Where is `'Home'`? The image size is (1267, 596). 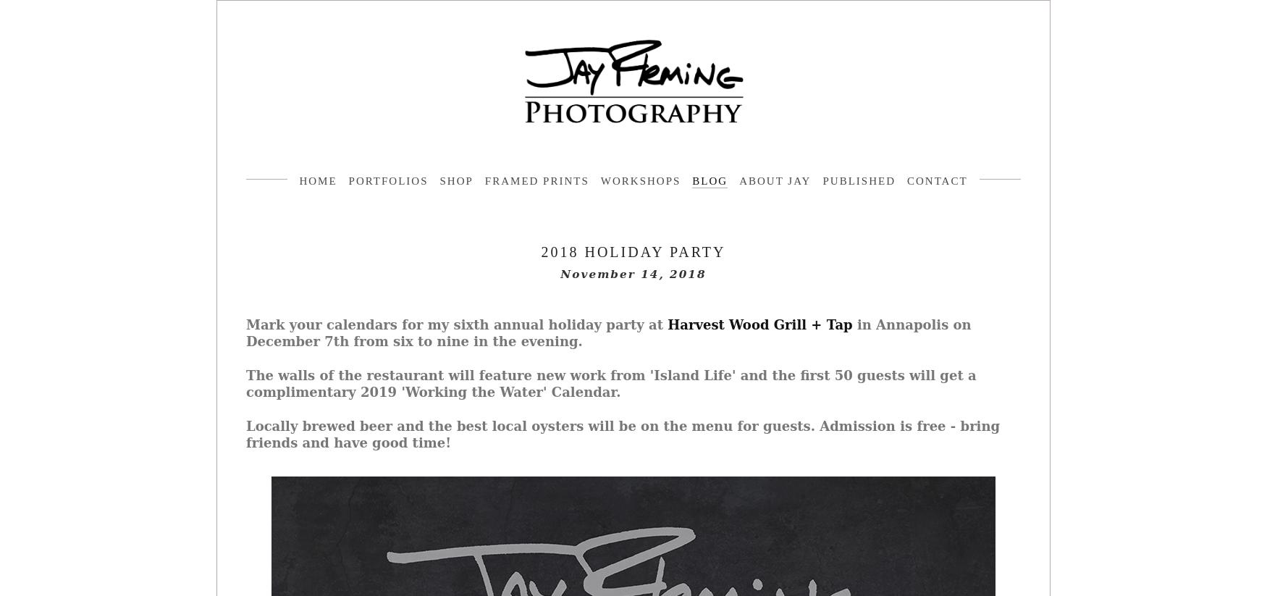 'Home' is located at coordinates (298, 180).